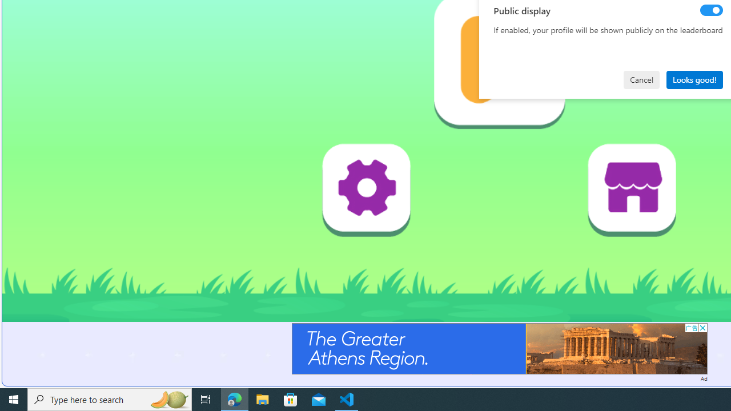 This screenshot has height=411, width=731. What do you see at coordinates (702, 328) in the screenshot?
I see `'AutomationID: cbb'` at bounding box center [702, 328].